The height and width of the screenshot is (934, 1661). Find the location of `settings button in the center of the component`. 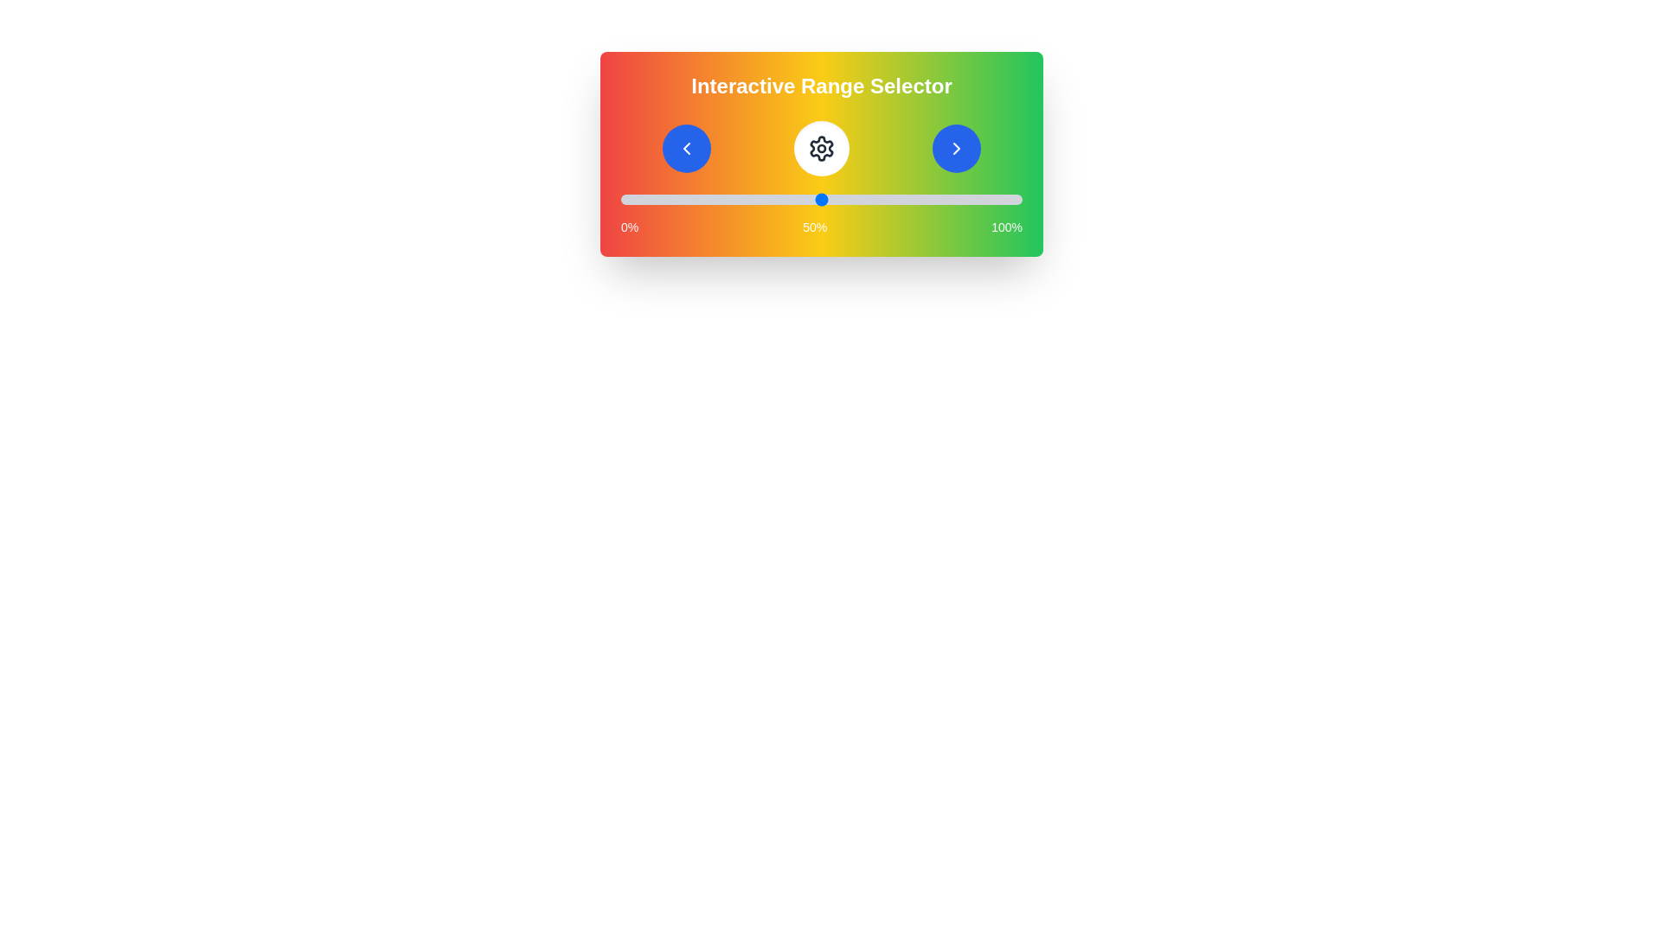

settings button in the center of the component is located at coordinates (821, 148).